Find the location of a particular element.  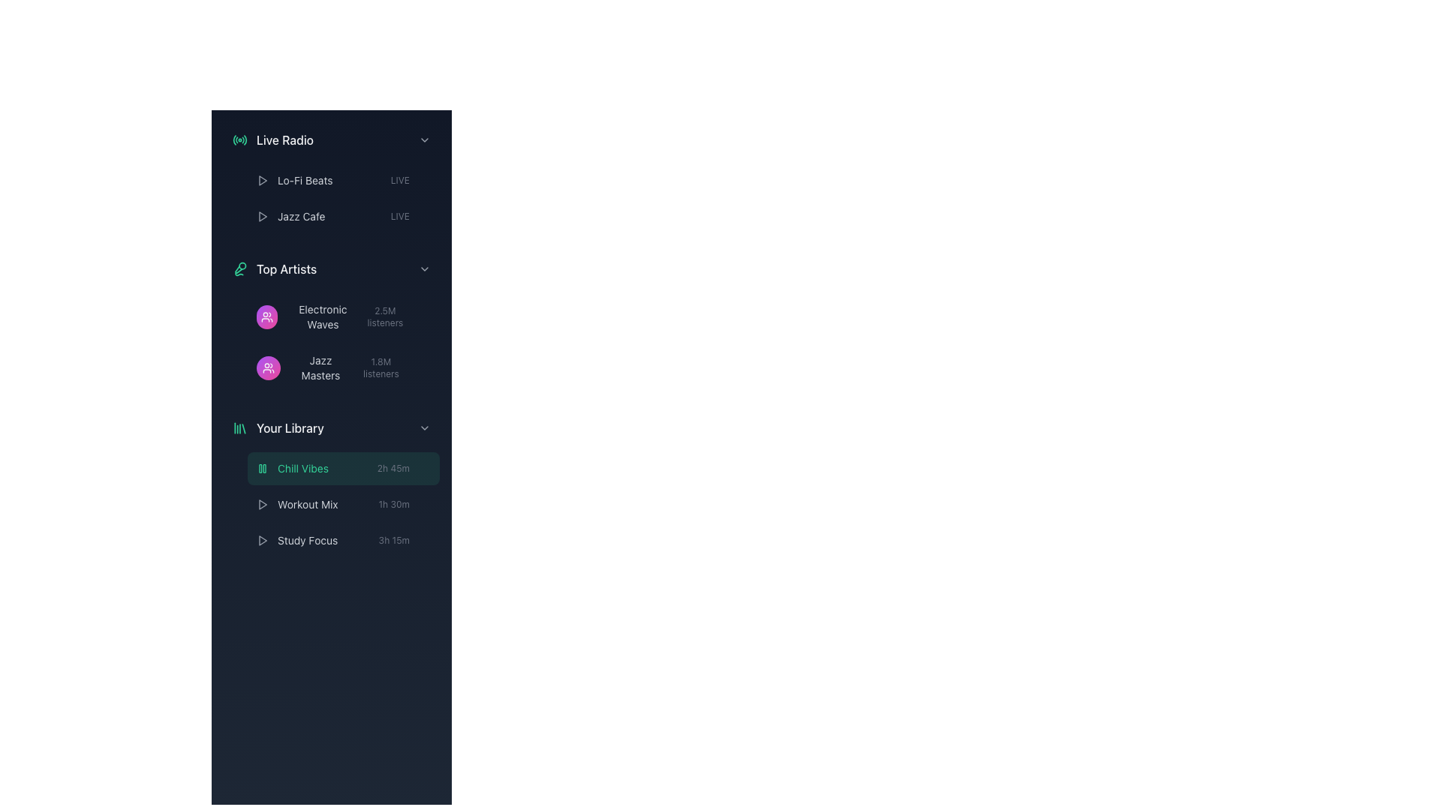

the text label that displays the number of listeners for the 'Electronic Waves' artist, positioned between the artist's name and a heart-shaped icon in the 'Top Artists' section is located at coordinates (385, 316).